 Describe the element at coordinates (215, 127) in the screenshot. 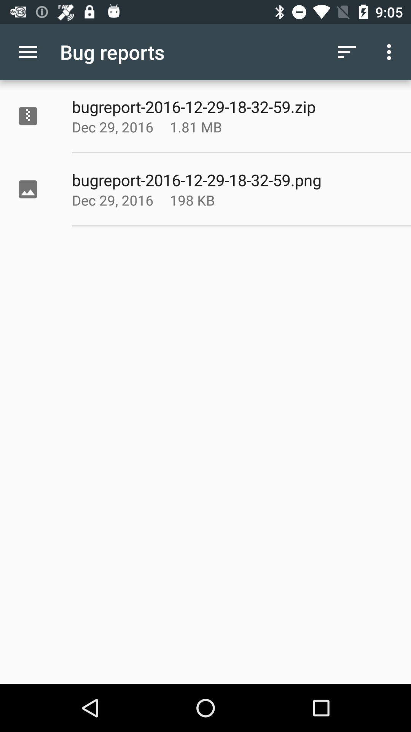

I see `app to the right of the dec 29, 2016 icon` at that location.